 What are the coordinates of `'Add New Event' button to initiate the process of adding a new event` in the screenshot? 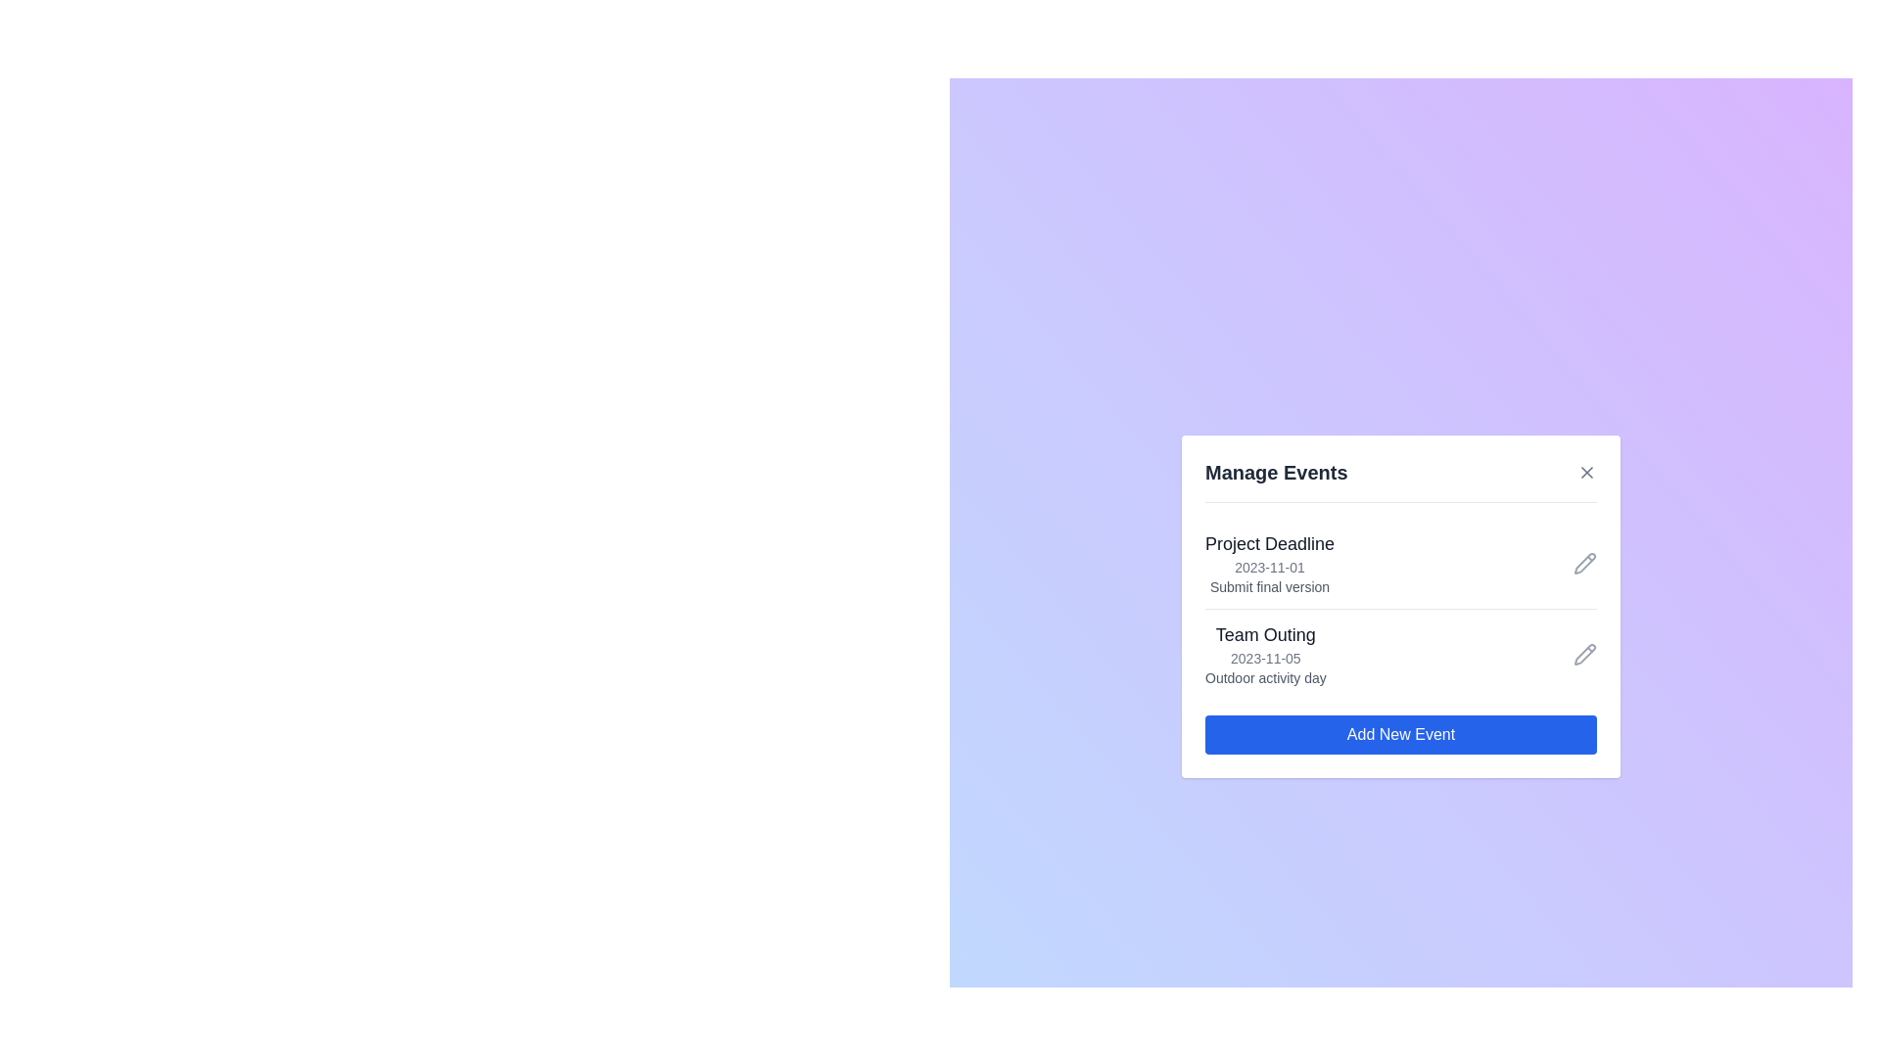 It's located at (1399, 735).